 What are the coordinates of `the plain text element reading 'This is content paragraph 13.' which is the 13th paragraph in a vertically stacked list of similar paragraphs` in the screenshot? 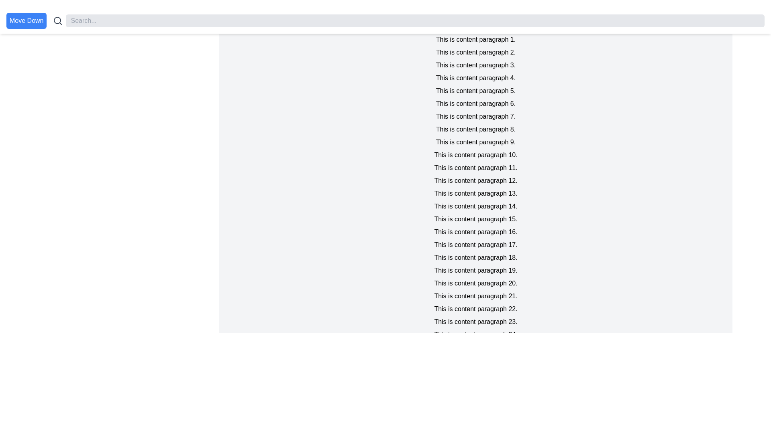 It's located at (476, 193).